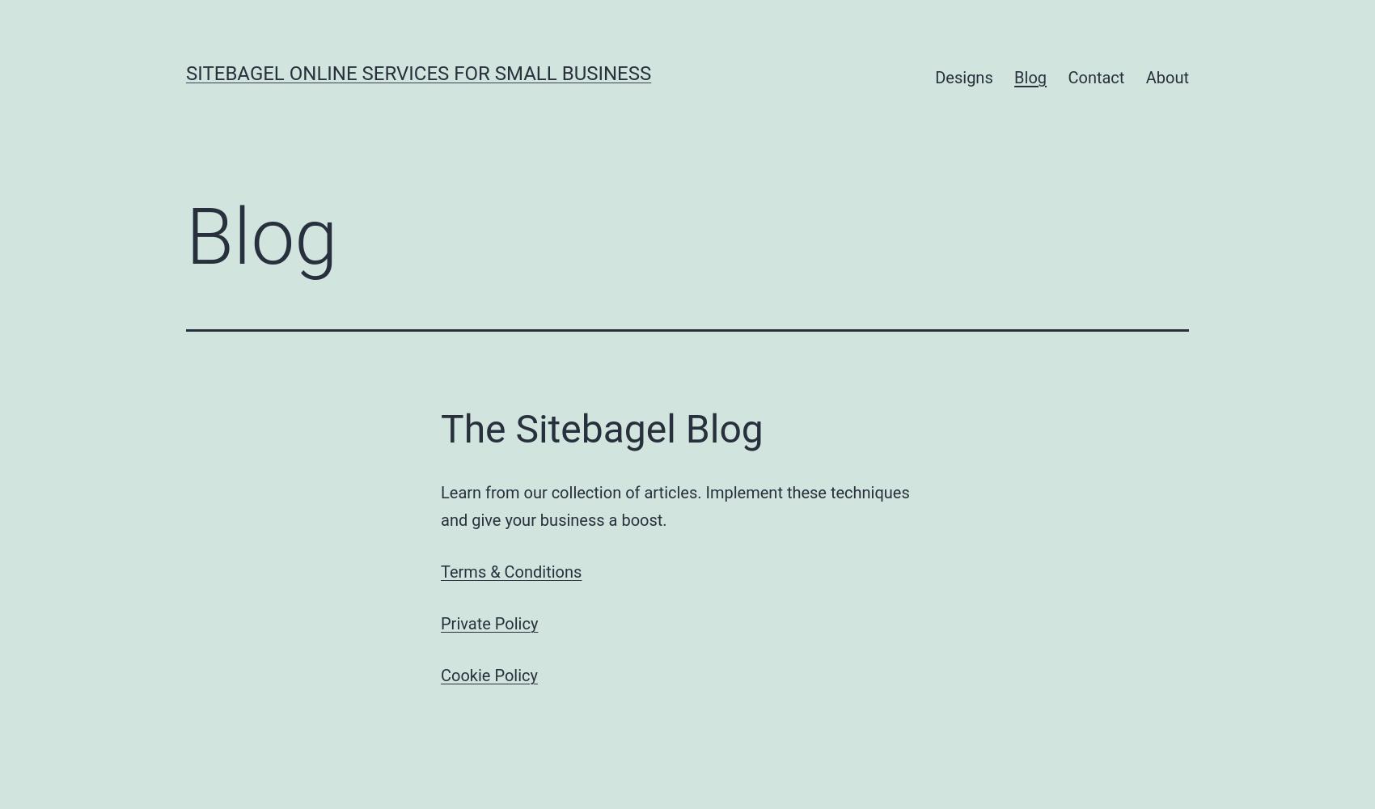 Image resolution: width=1375 pixels, height=809 pixels. I want to click on 'SiteBagel Online Services for Small Business', so click(418, 73).